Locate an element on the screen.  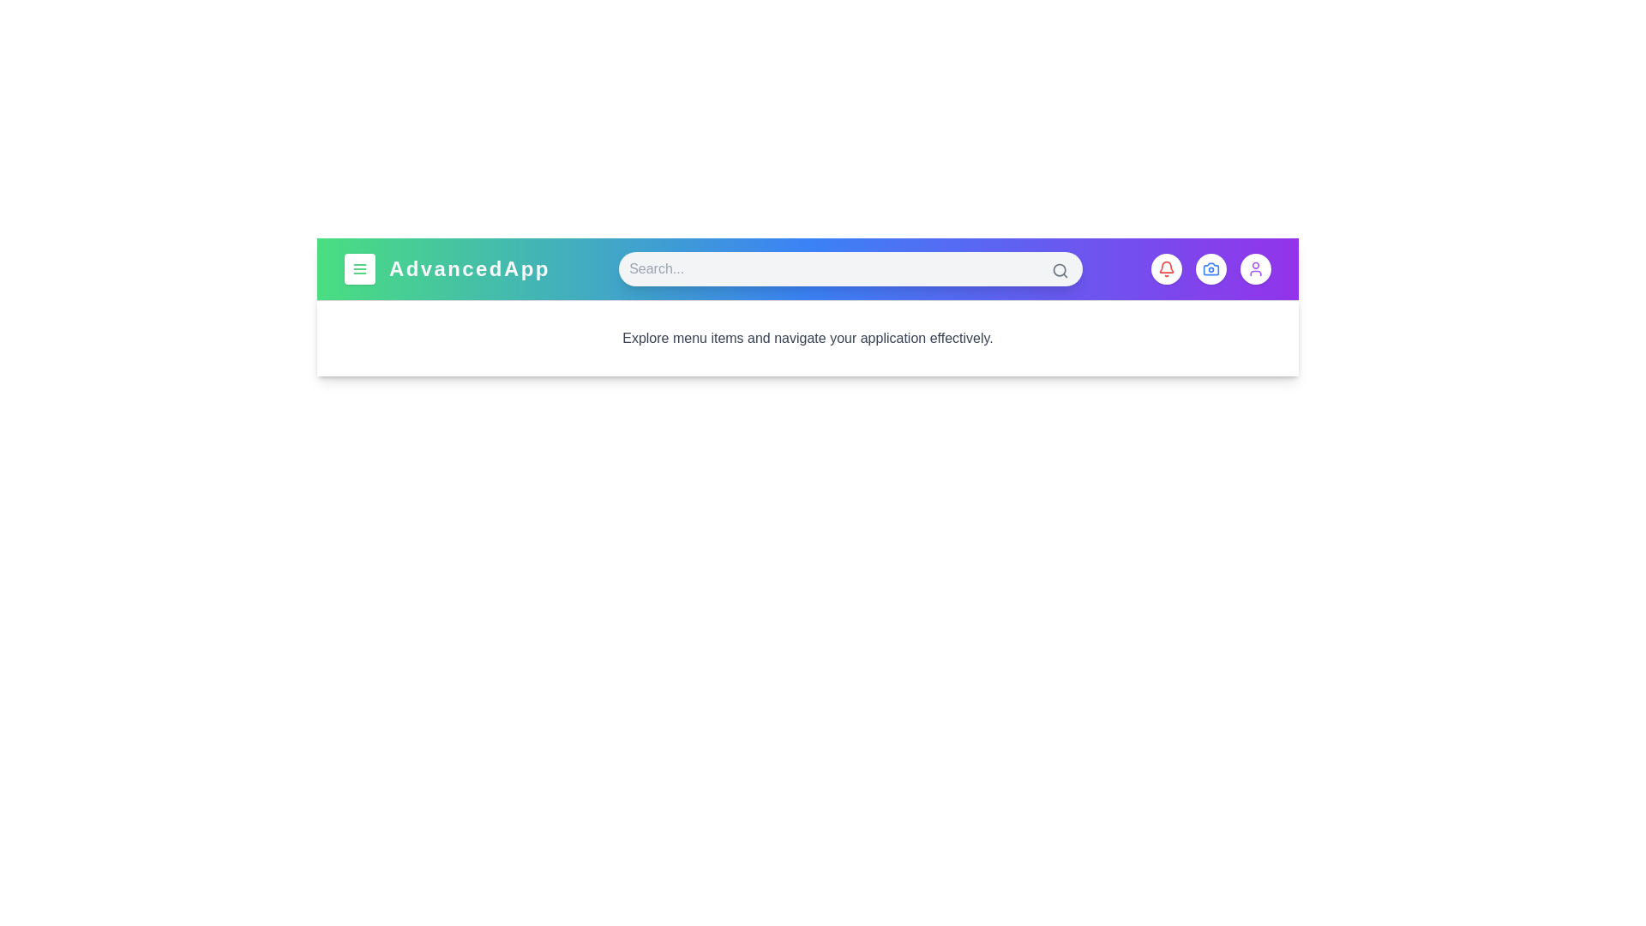
the search icon to activate the search functionality is located at coordinates (1059, 270).